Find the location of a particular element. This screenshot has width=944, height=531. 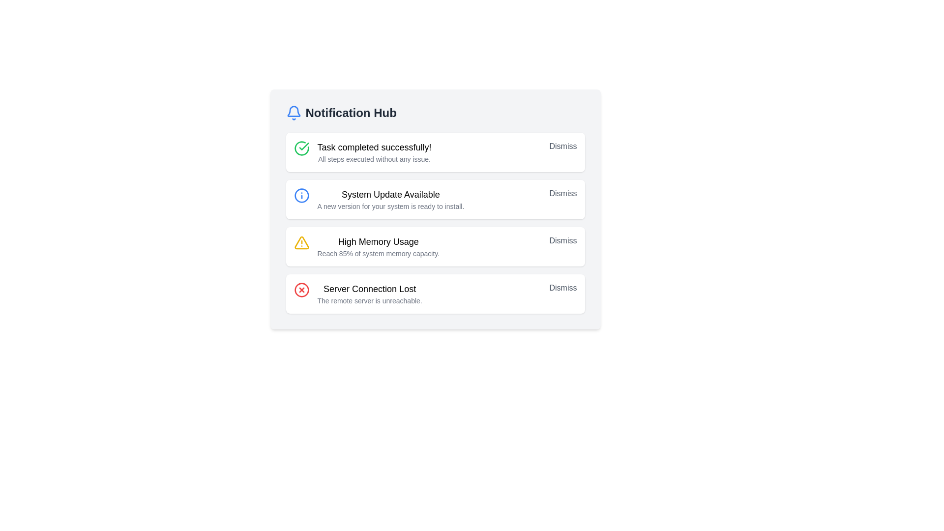

the third notification entry in the notification hub interface, which displays a warning icon and the text 'High Memory Usage' is located at coordinates (378, 246).